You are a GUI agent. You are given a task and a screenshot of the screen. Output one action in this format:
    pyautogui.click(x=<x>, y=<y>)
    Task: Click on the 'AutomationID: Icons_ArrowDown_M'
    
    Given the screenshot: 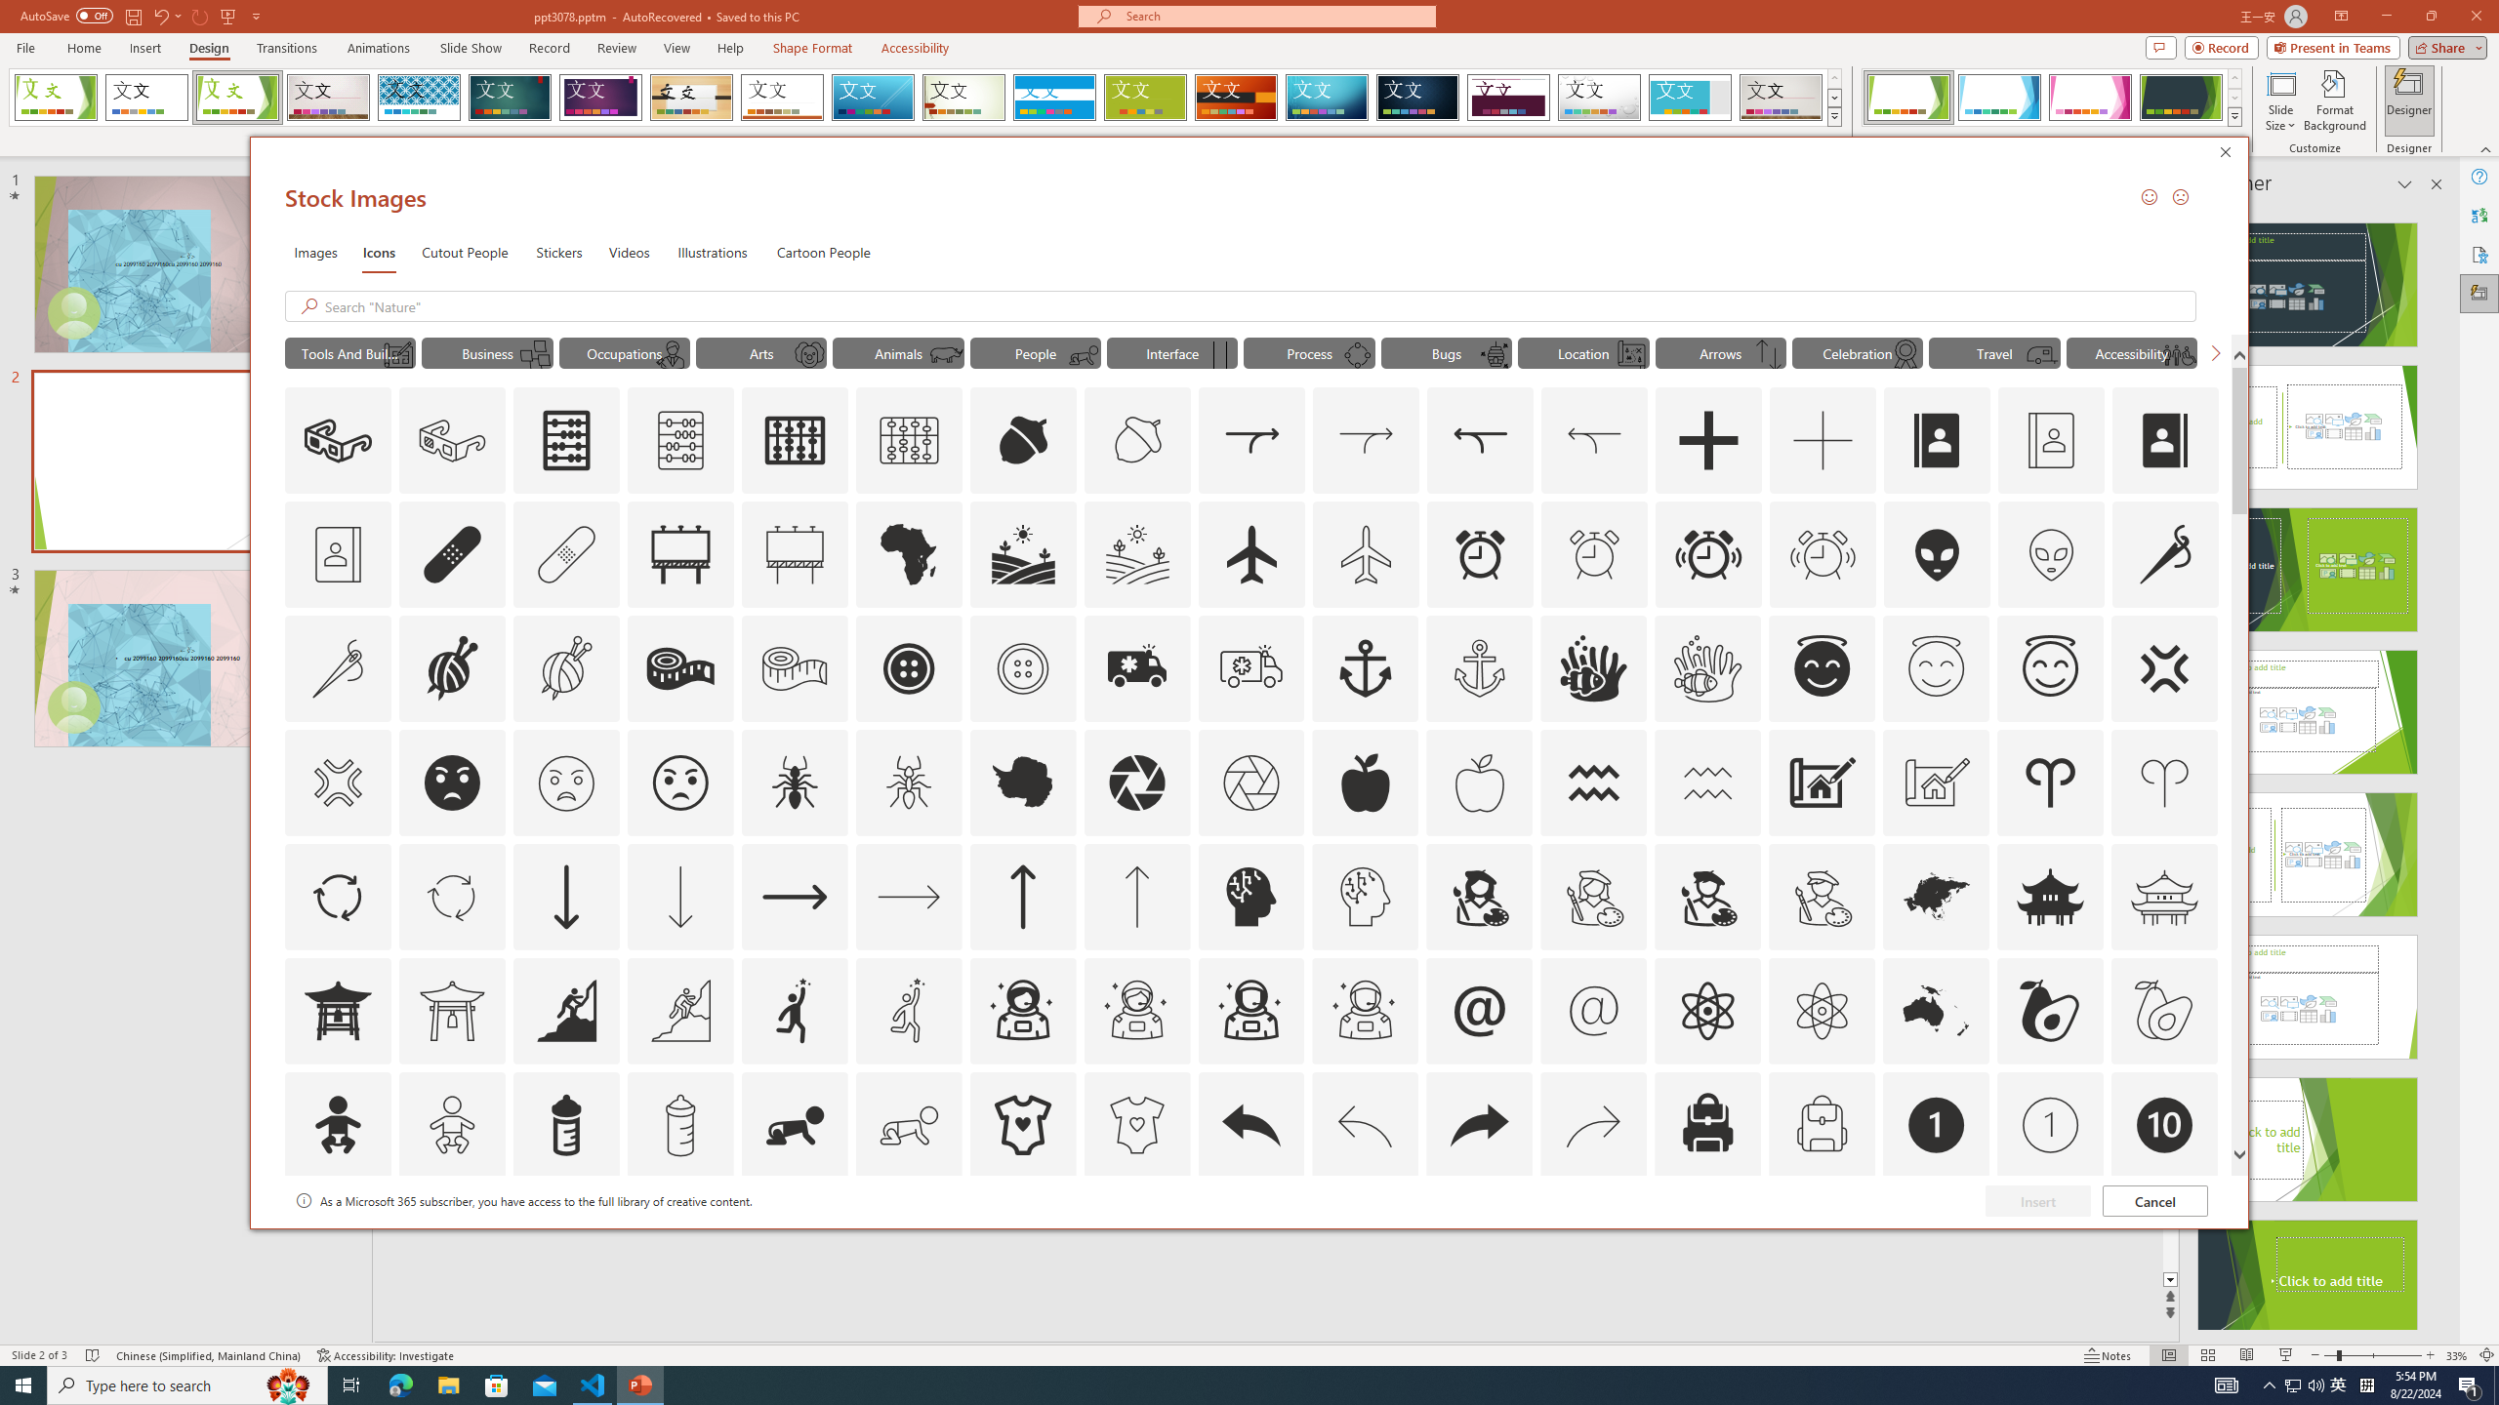 What is the action you would take?
    pyautogui.click(x=679, y=896)
    